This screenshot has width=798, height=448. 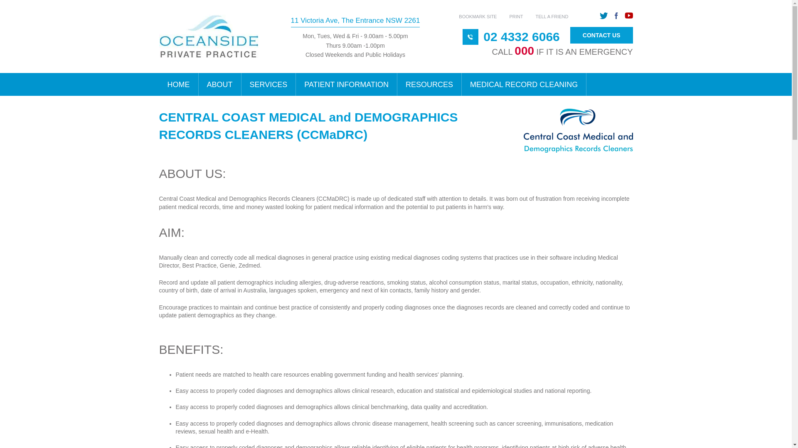 I want to click on 'facebook', so click(x=616, y=16).